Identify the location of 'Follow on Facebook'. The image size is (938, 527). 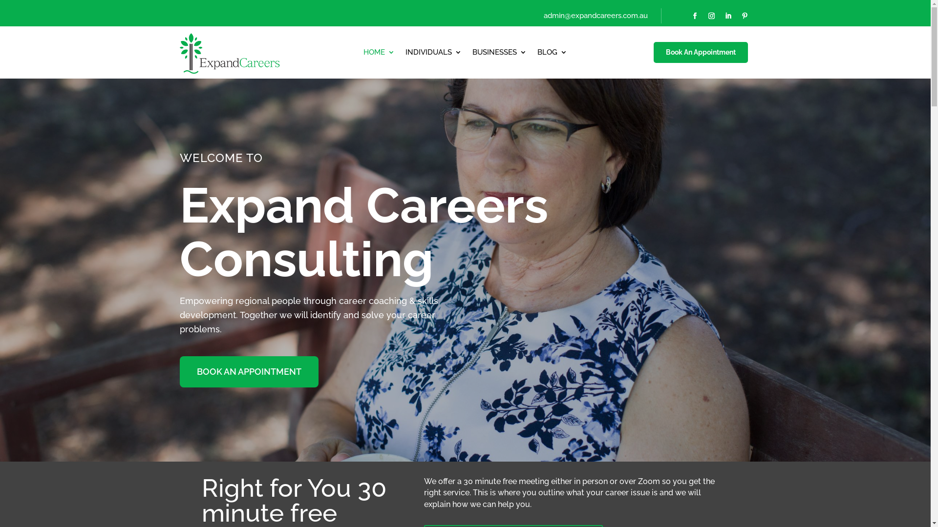
(694, 16).